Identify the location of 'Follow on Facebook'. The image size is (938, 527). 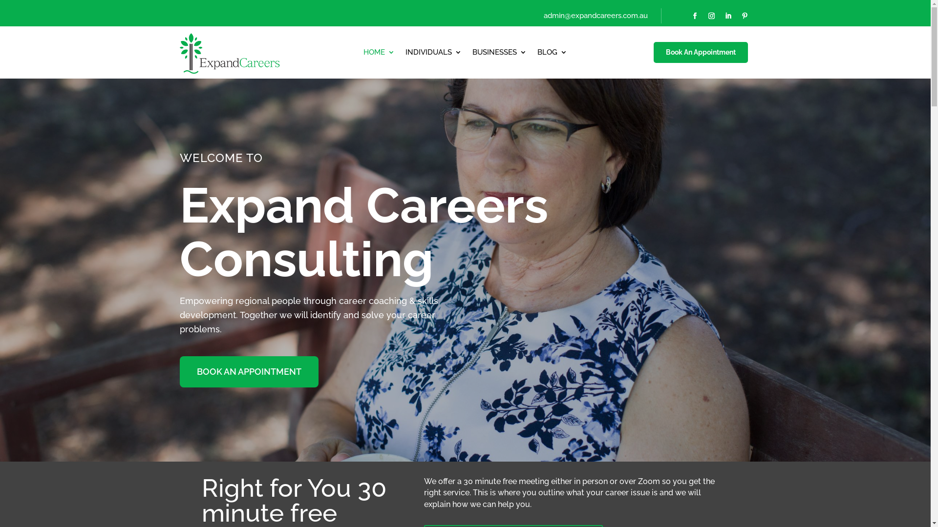
(694, 16).